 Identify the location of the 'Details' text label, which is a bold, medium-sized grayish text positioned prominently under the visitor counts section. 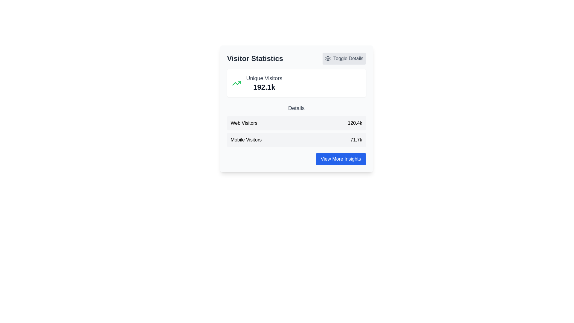
(296, 108).